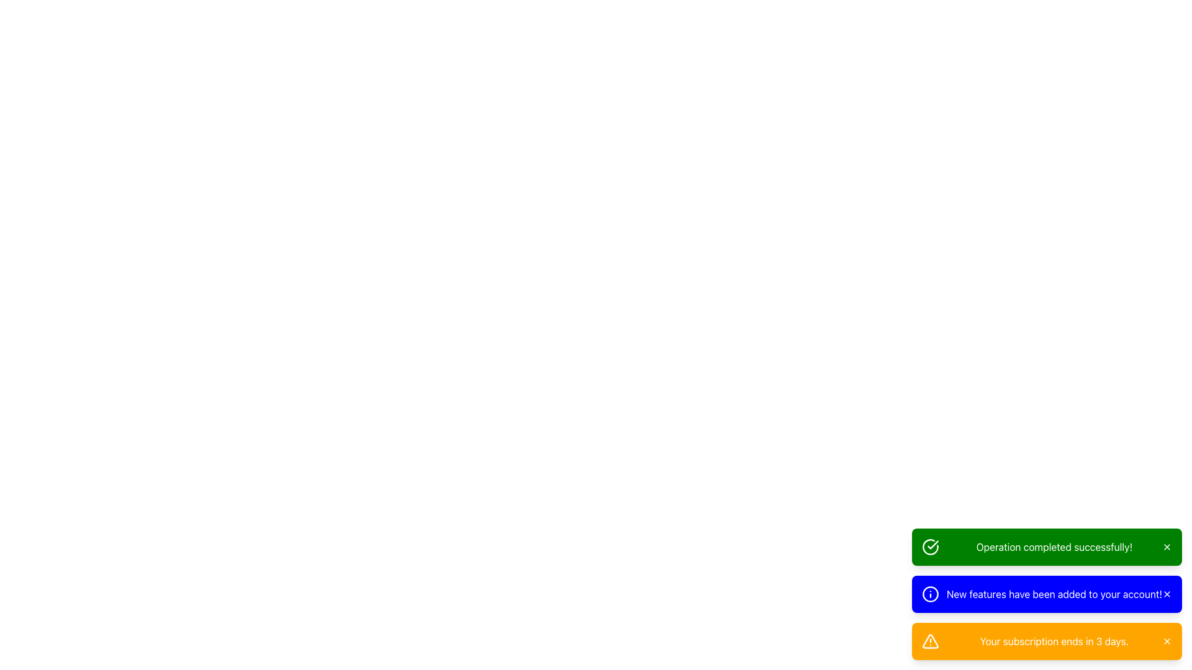 This screenshot has width=1192, height=670. Describe the element at coordinates (1054, 593) in the screenshot. I see `the text label that displays 'New features have been added to your account!' in the notification card, which is the second card from the top with a blue background` at that location.